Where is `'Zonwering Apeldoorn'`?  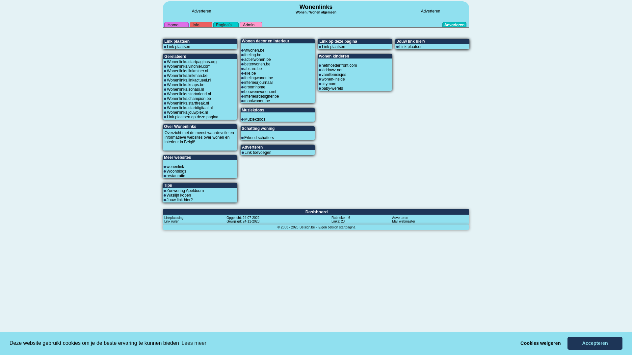
'Zonwering Apeldoorn' is located at coordinates (166, 190).